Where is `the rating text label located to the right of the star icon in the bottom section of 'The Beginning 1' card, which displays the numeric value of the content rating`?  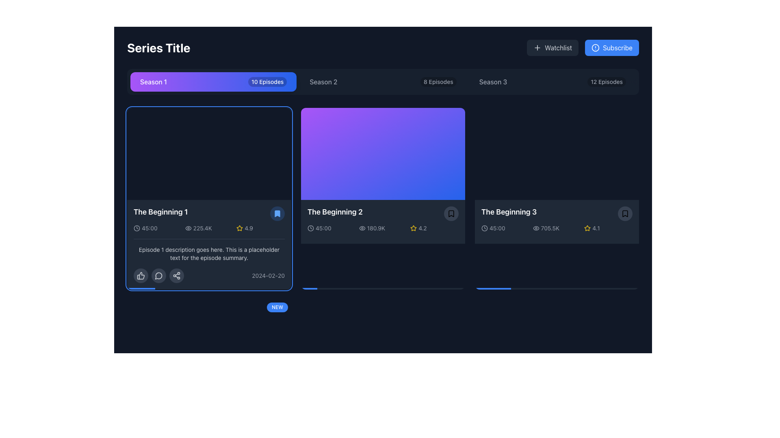
the rating text label located to the right of the star icon in the bottom section of 'The Beginning 1' card, which displays the numeric value of the content rating is located at coordinates (248, 228).